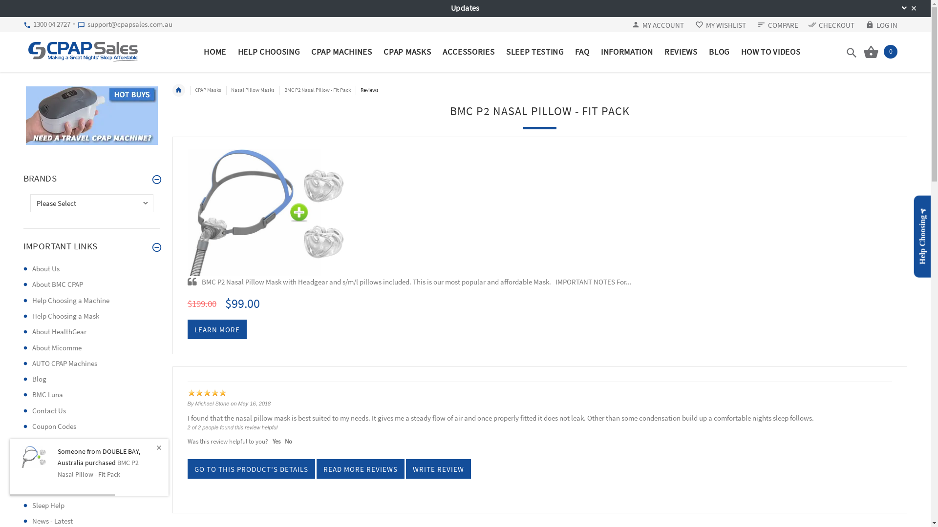 The height and width of the screenshot is (527, 938). What do you see at coordinates (59, 331) in the screenshot?
I see `'About HealthGear'` at bounding box center [59, 331].